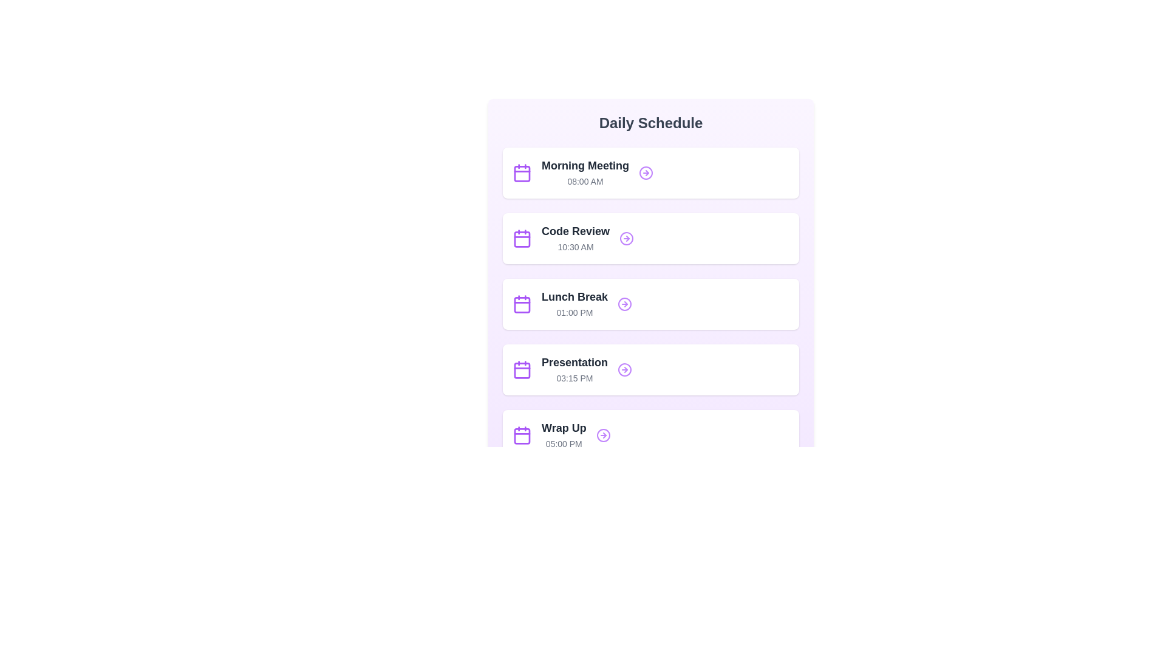 Image resolution: width=1166 pixels, height=656 pixels. What do you see at coordinates (563, 444) in the screenshot?
I see `the text label displaying '05:00 PM', which is styled in gray and positioned beneath the bold 'Wrap Up' text within the purple-bordered box` at bounding box center [563, 444].